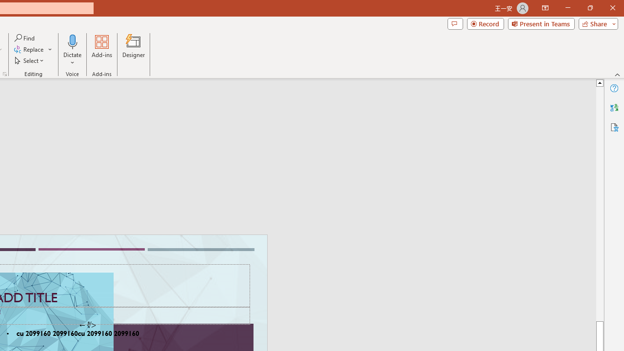 The image size is (624, 351). Describe the element at coordinates (87, 325) in the screenshot. I see `'TextBox 7'` at that location.